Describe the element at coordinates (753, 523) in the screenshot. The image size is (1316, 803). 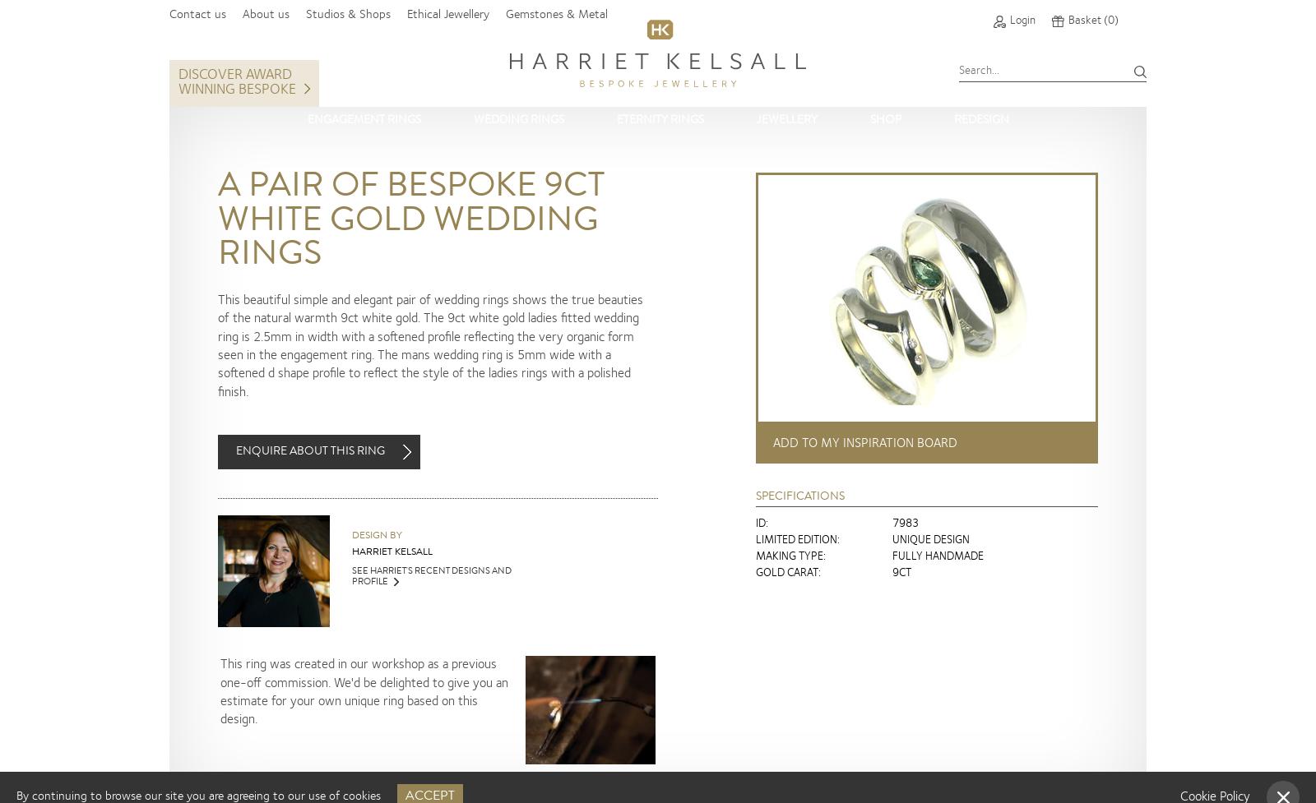
I see `'ID:'` at that location.